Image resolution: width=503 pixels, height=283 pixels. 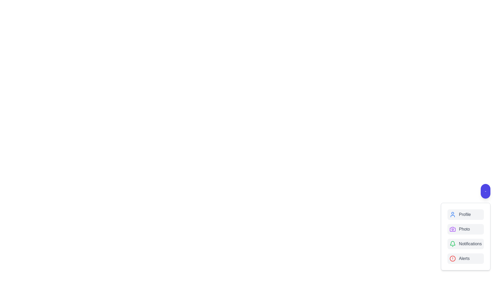 What do you see at coordinates (465, 214) in the screenshot?
I see `the 'Profile' button to select the 'Profile' option` at bounding box center [465, 214].